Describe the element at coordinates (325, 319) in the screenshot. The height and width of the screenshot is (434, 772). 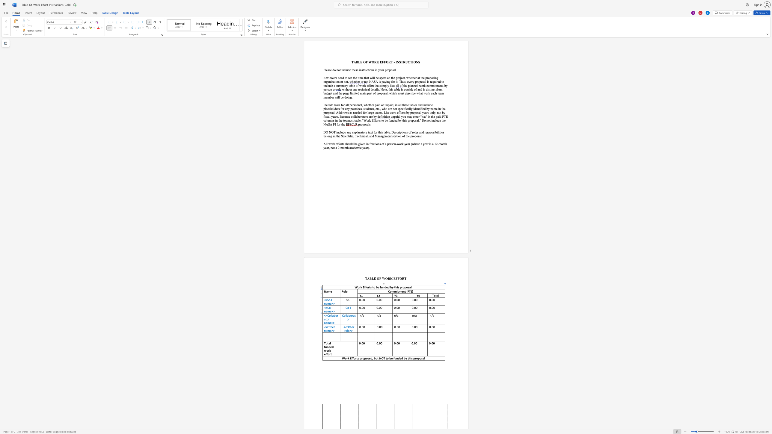
I see `the 2th character "a" in the text` at that location.